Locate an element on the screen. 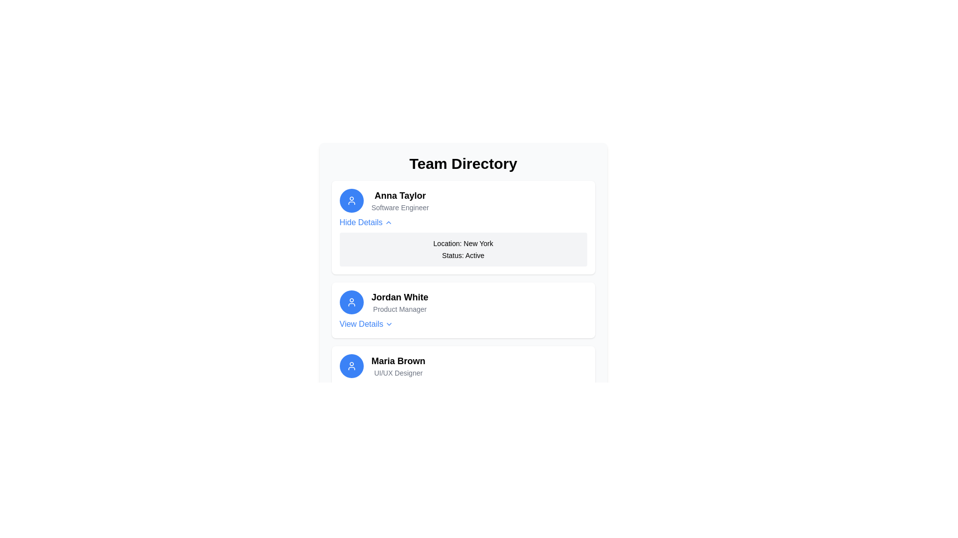 This screenshot has width=958, height=538. the downward-facing chevron icon (SVG graphic) located to the right of the 'View Details' text in the team directory for Jordan White is located at coordinates (389, 324).